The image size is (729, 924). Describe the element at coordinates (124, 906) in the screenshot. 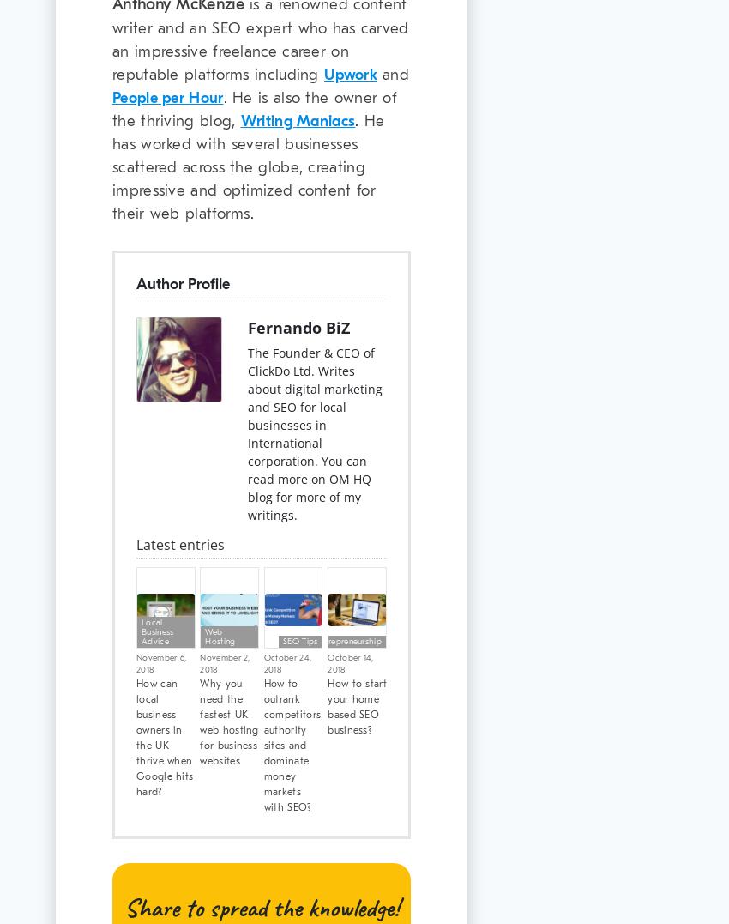

I see `'Share to spread the knowledge!'` at that location.